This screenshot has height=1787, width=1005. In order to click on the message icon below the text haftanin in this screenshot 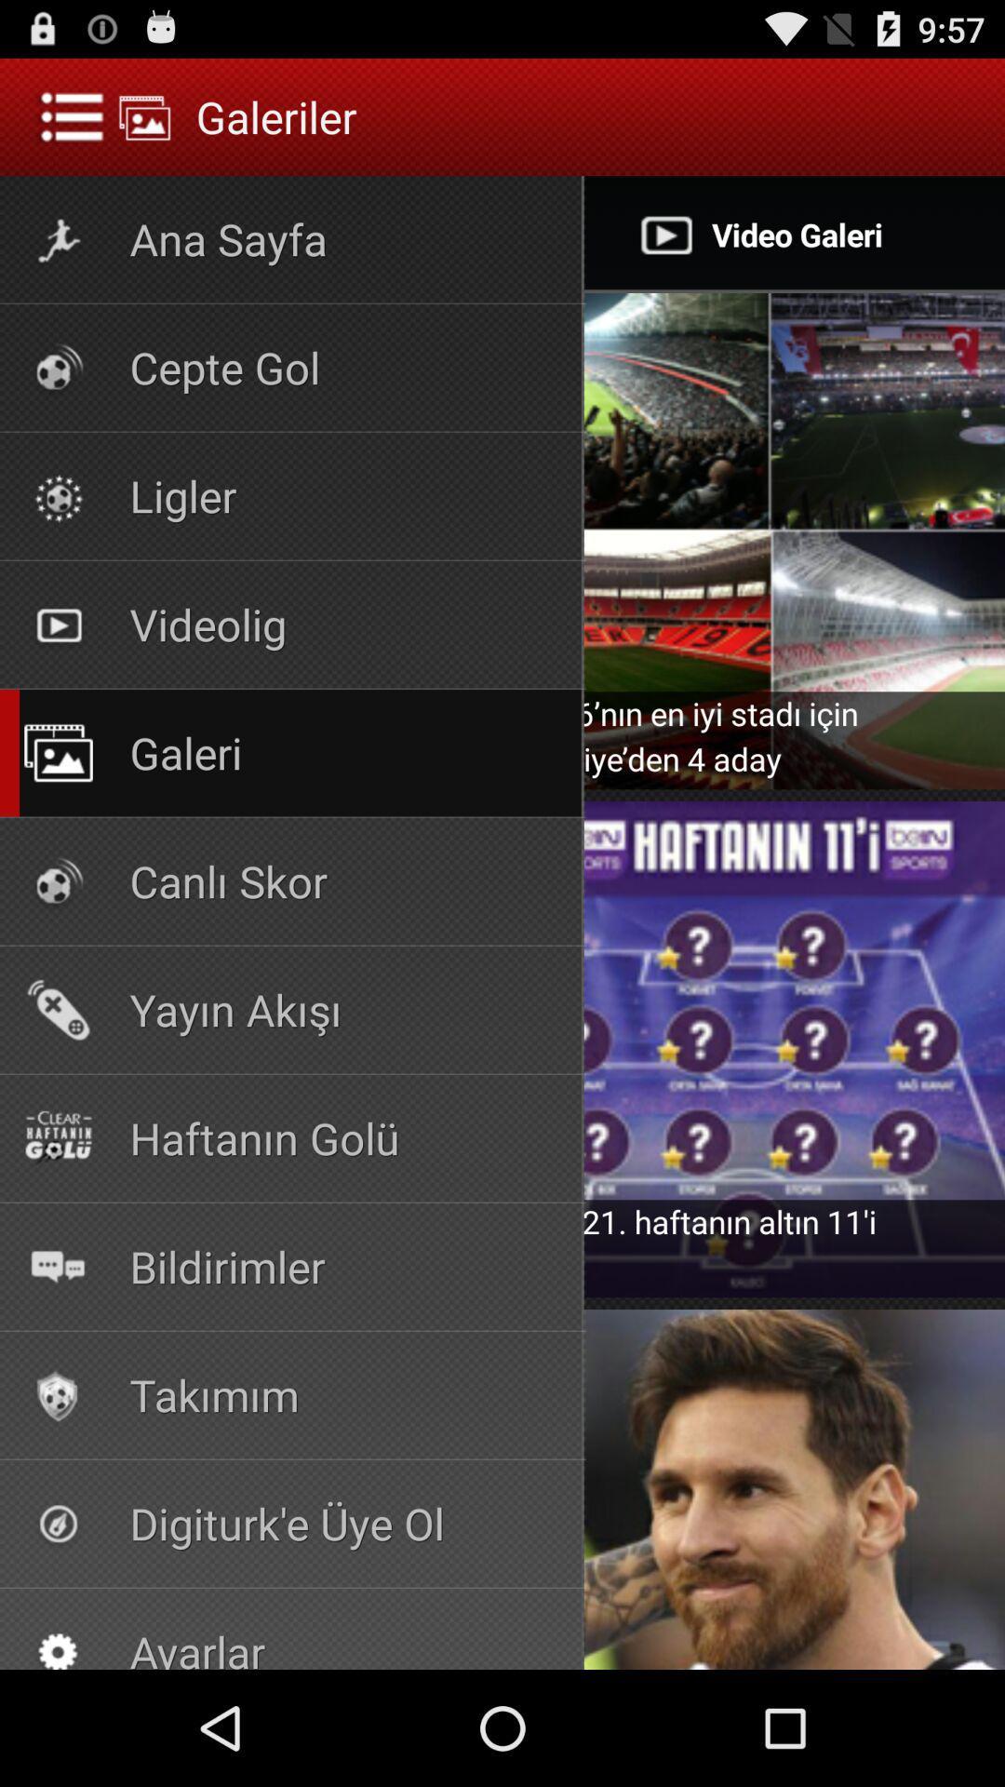, I will do `click(57, 1266)`.